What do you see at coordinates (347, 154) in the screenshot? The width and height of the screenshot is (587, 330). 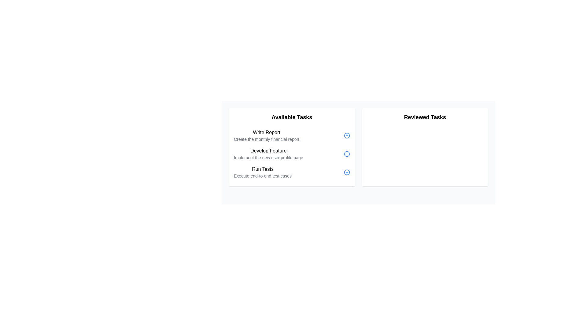 I see `the 'Add Task' button associated with 'Develop Feature' located in the 'Available Tasks' section` at bounding box center [347, 154].